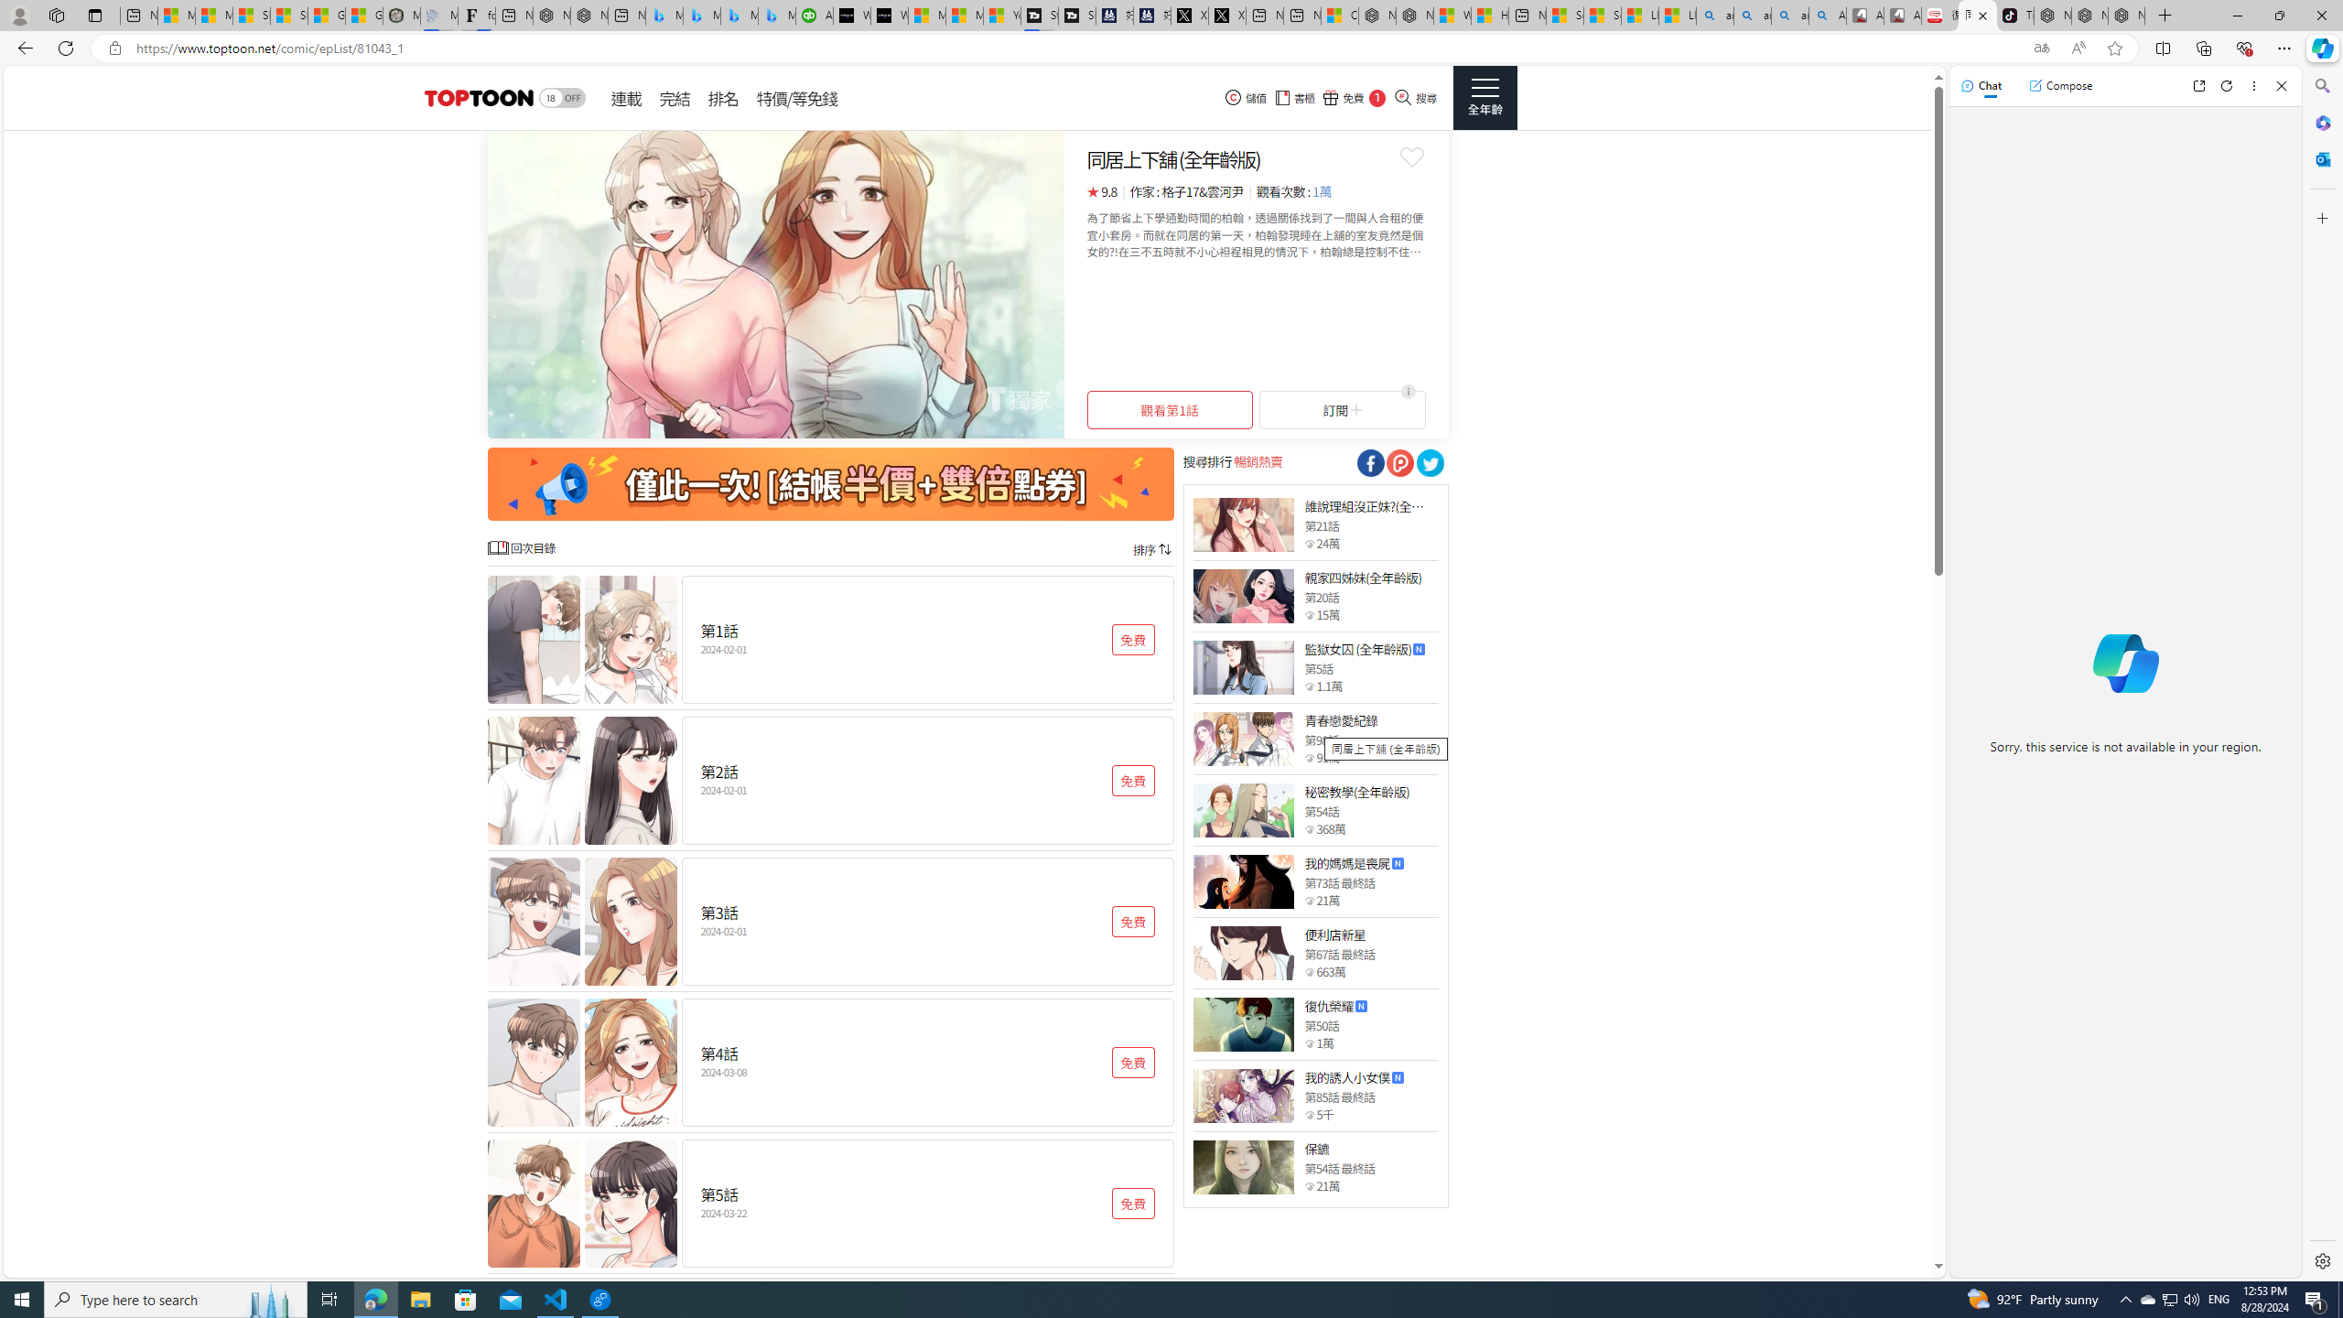 This screenshot has width=2343, height=1318. What do you see at coordinates (701, 15) in the screenshot?
I see `'Microsoft Bing Travel - Stays in Bangkok, Bangkok, Thailand'` at bounding box center [701, 15].